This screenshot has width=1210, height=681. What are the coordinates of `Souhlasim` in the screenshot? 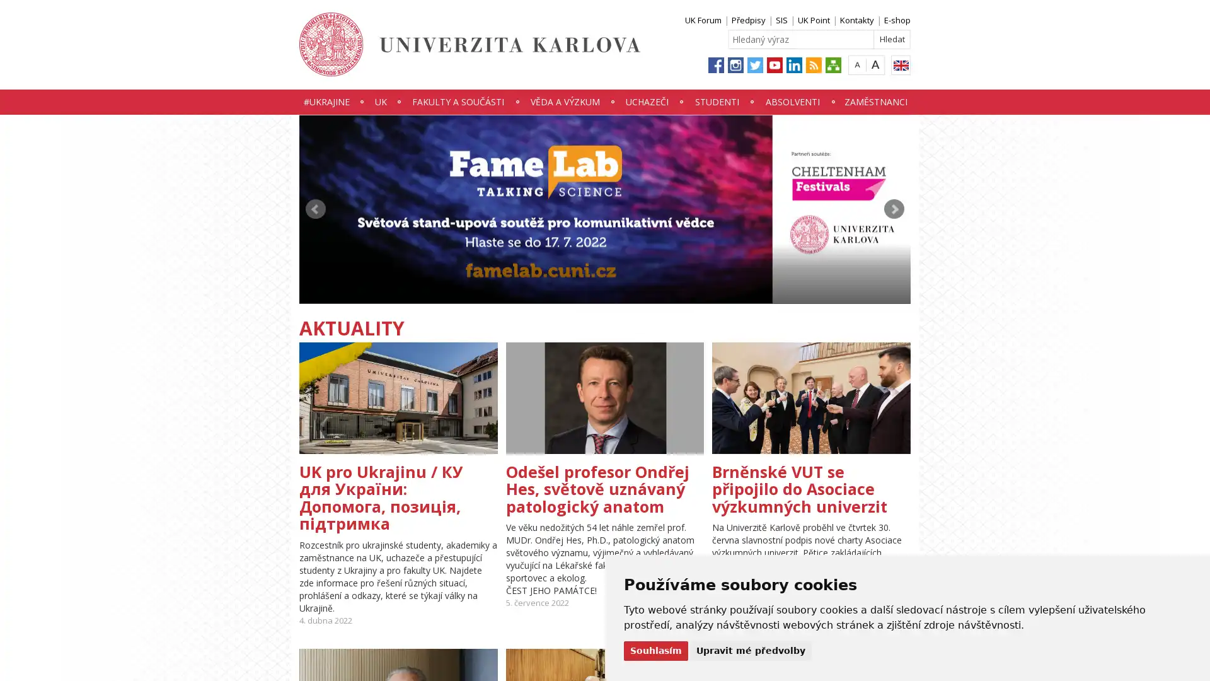 It's located at (655, 650).